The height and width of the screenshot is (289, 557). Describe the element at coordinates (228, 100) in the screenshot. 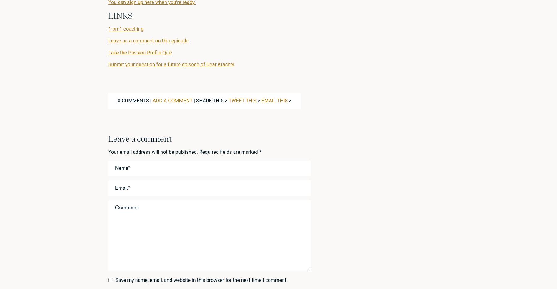

I see `'Tweet this'` at that location.